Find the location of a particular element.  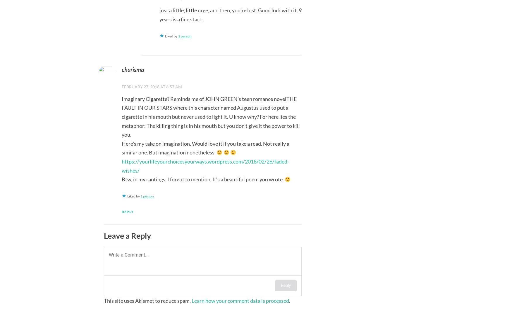

'https://yourlifeyourchoicesyourways.wordpress.com/2018/02/26/faded-wishes/' is located at coordinates (205, 165).